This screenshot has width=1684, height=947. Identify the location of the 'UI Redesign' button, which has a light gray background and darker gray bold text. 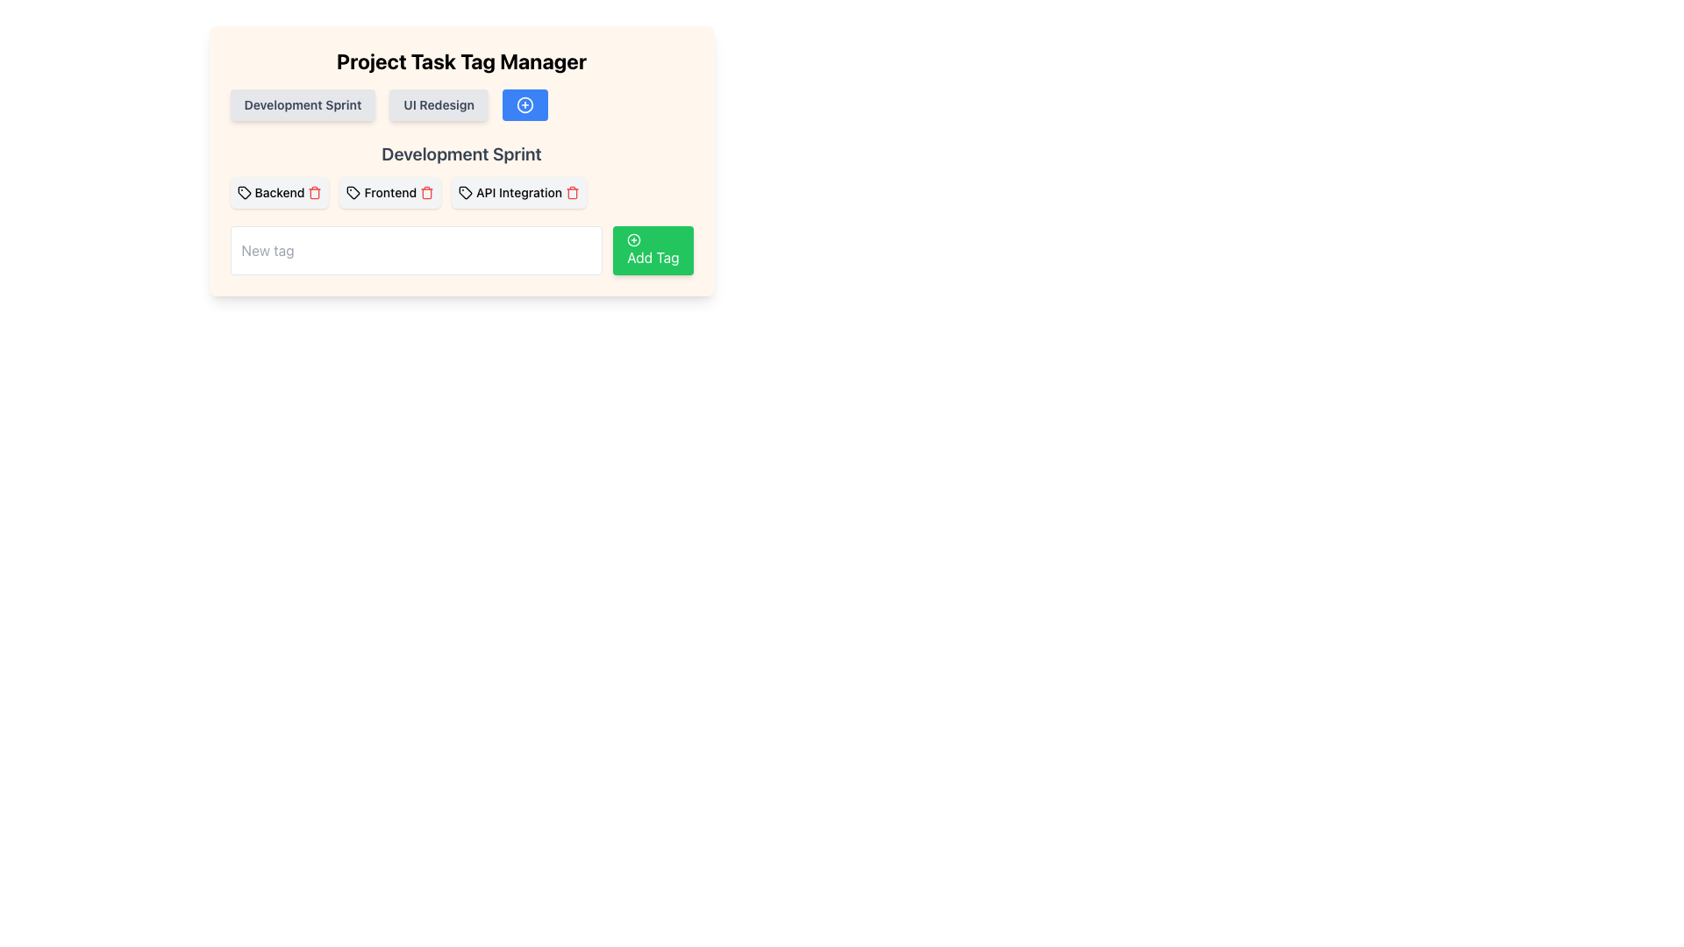
(439, 104).